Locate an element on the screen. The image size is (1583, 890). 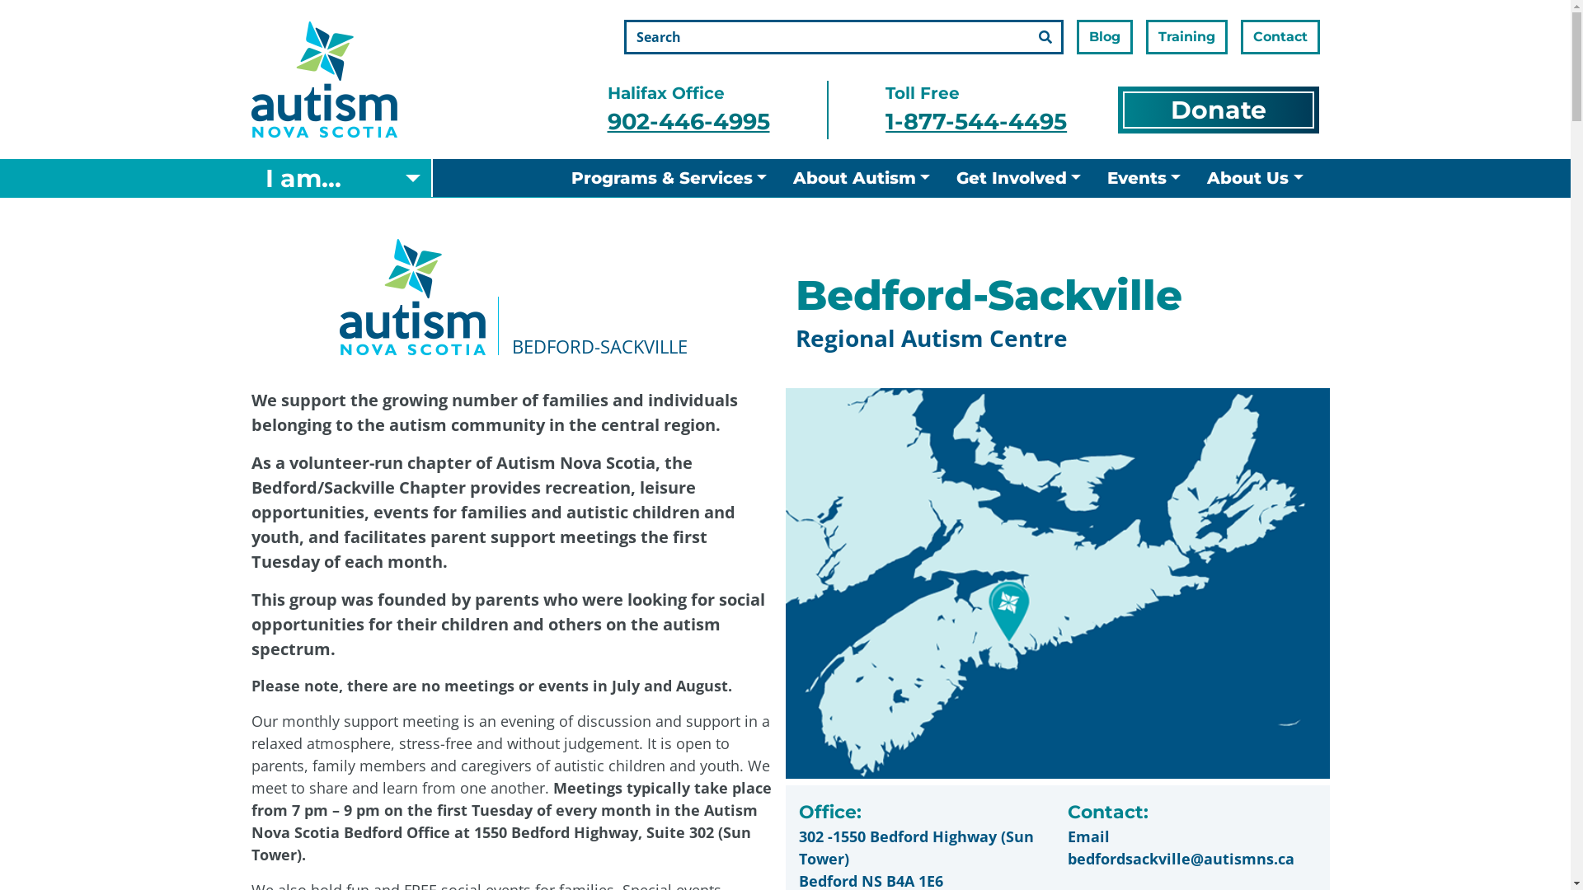
'About Autism' is located at coordinates (861, 178).